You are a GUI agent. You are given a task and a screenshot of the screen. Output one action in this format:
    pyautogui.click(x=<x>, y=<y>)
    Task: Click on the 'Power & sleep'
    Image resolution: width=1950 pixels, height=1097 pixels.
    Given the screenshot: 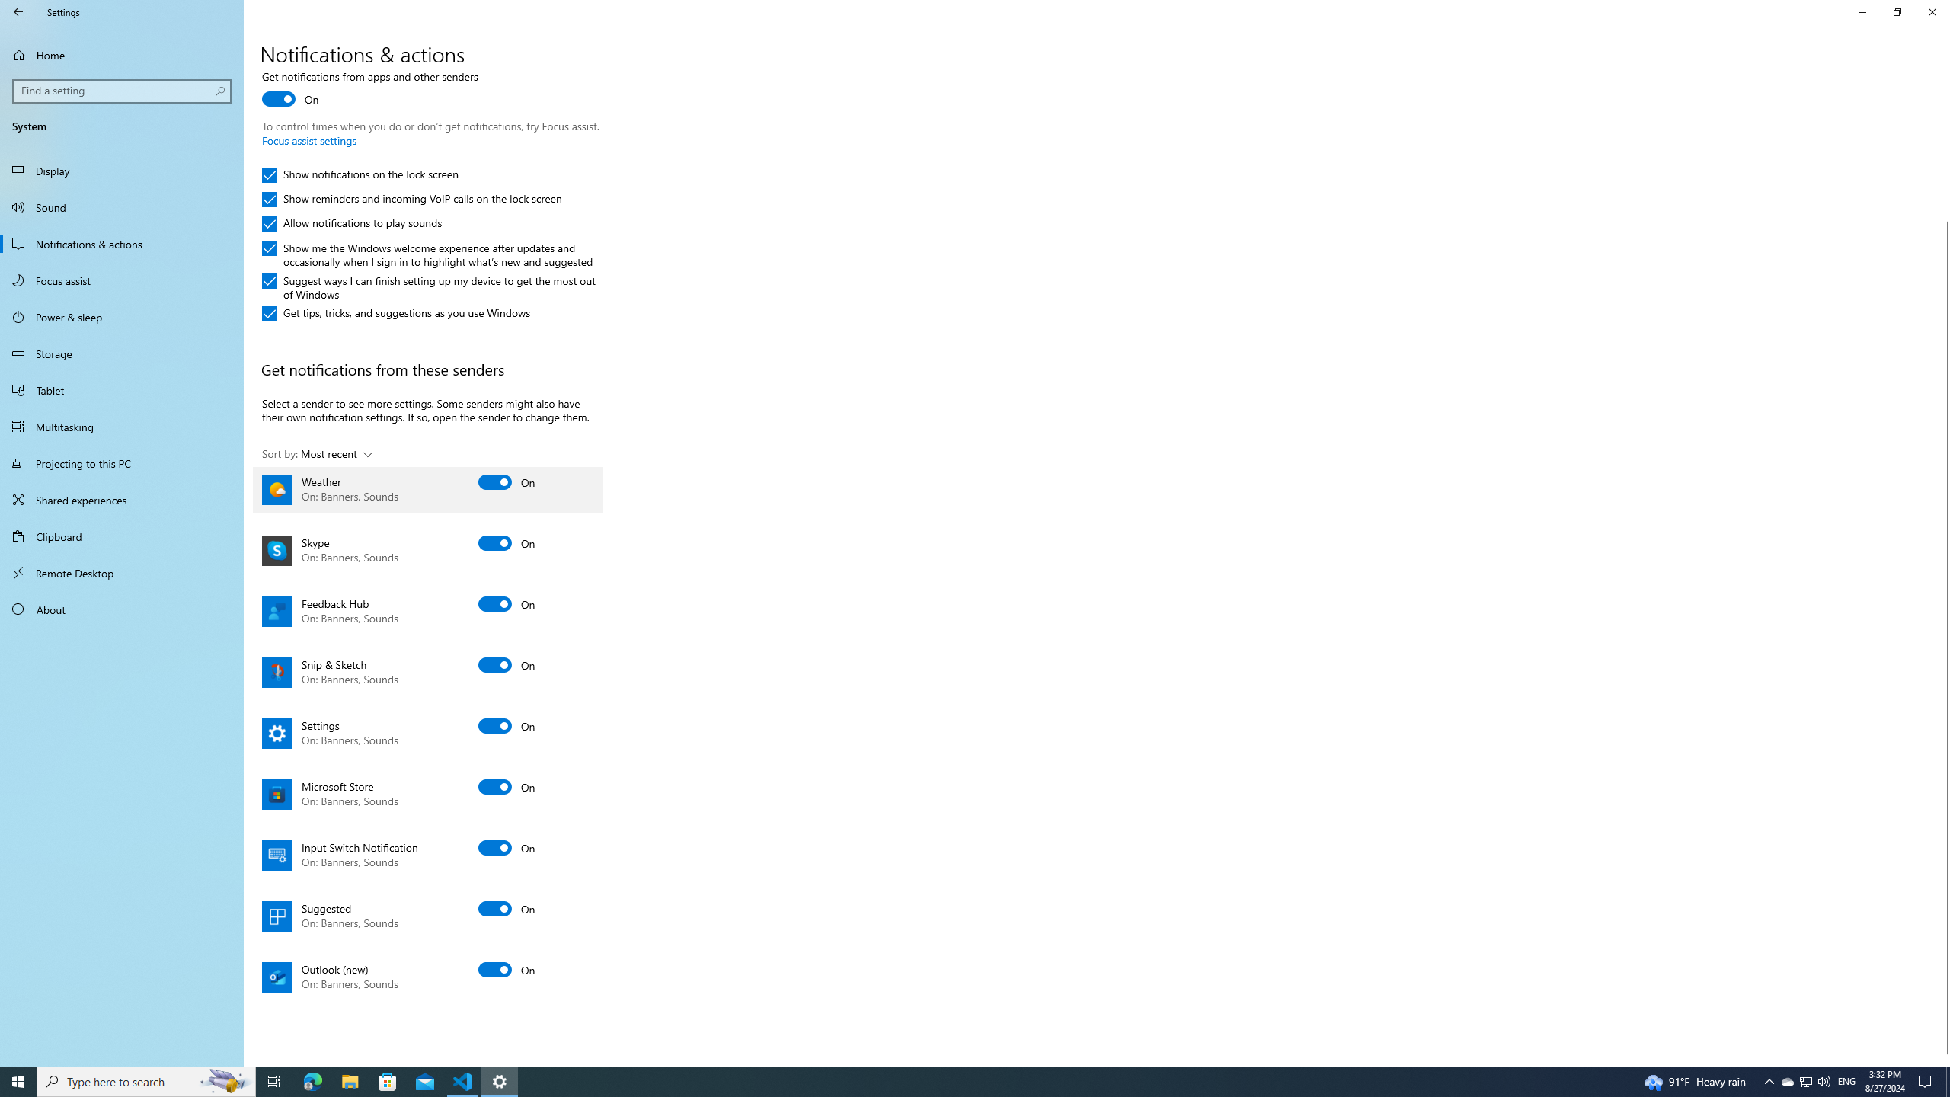 What is the action you would take?
    pyautogui.click(x=121, y=316)
    